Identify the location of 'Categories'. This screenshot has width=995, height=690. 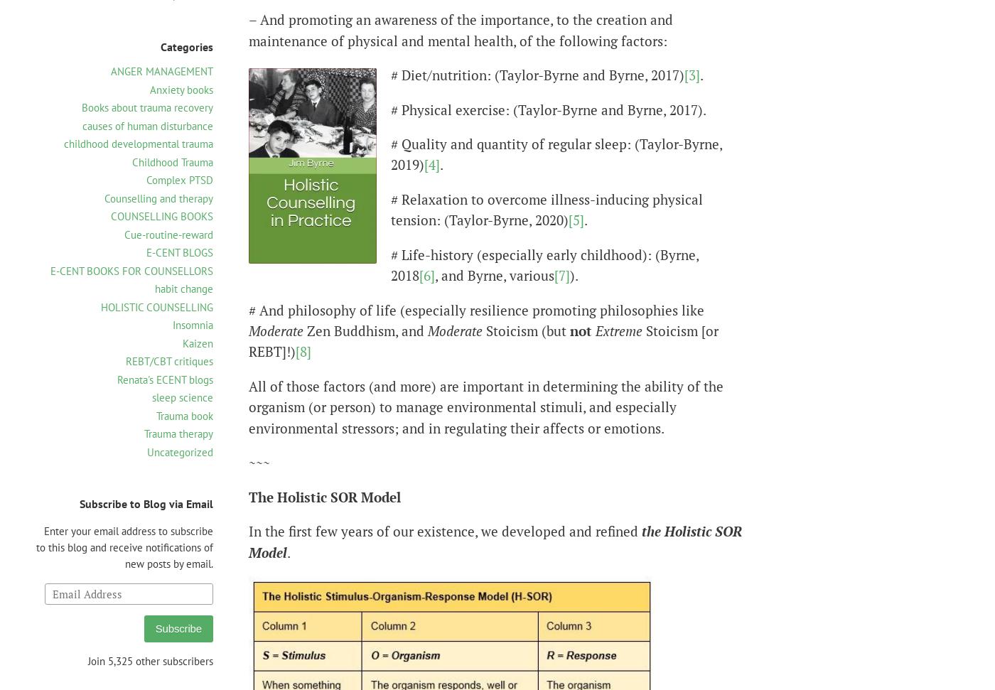
(187, 45).